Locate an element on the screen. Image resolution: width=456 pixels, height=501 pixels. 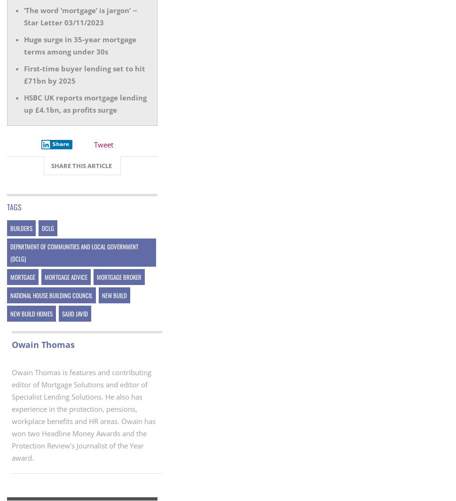
'DCLG' is located at coordinates (41, 228).